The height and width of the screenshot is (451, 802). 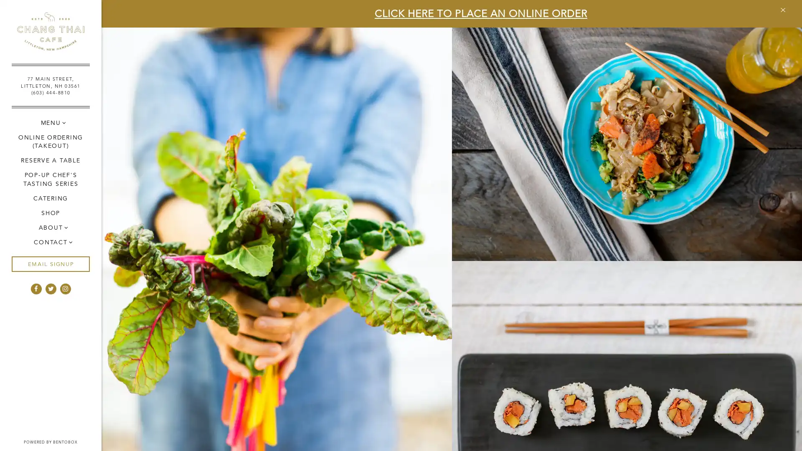 I want to click on ABOUT, so click(x=50, y=227).